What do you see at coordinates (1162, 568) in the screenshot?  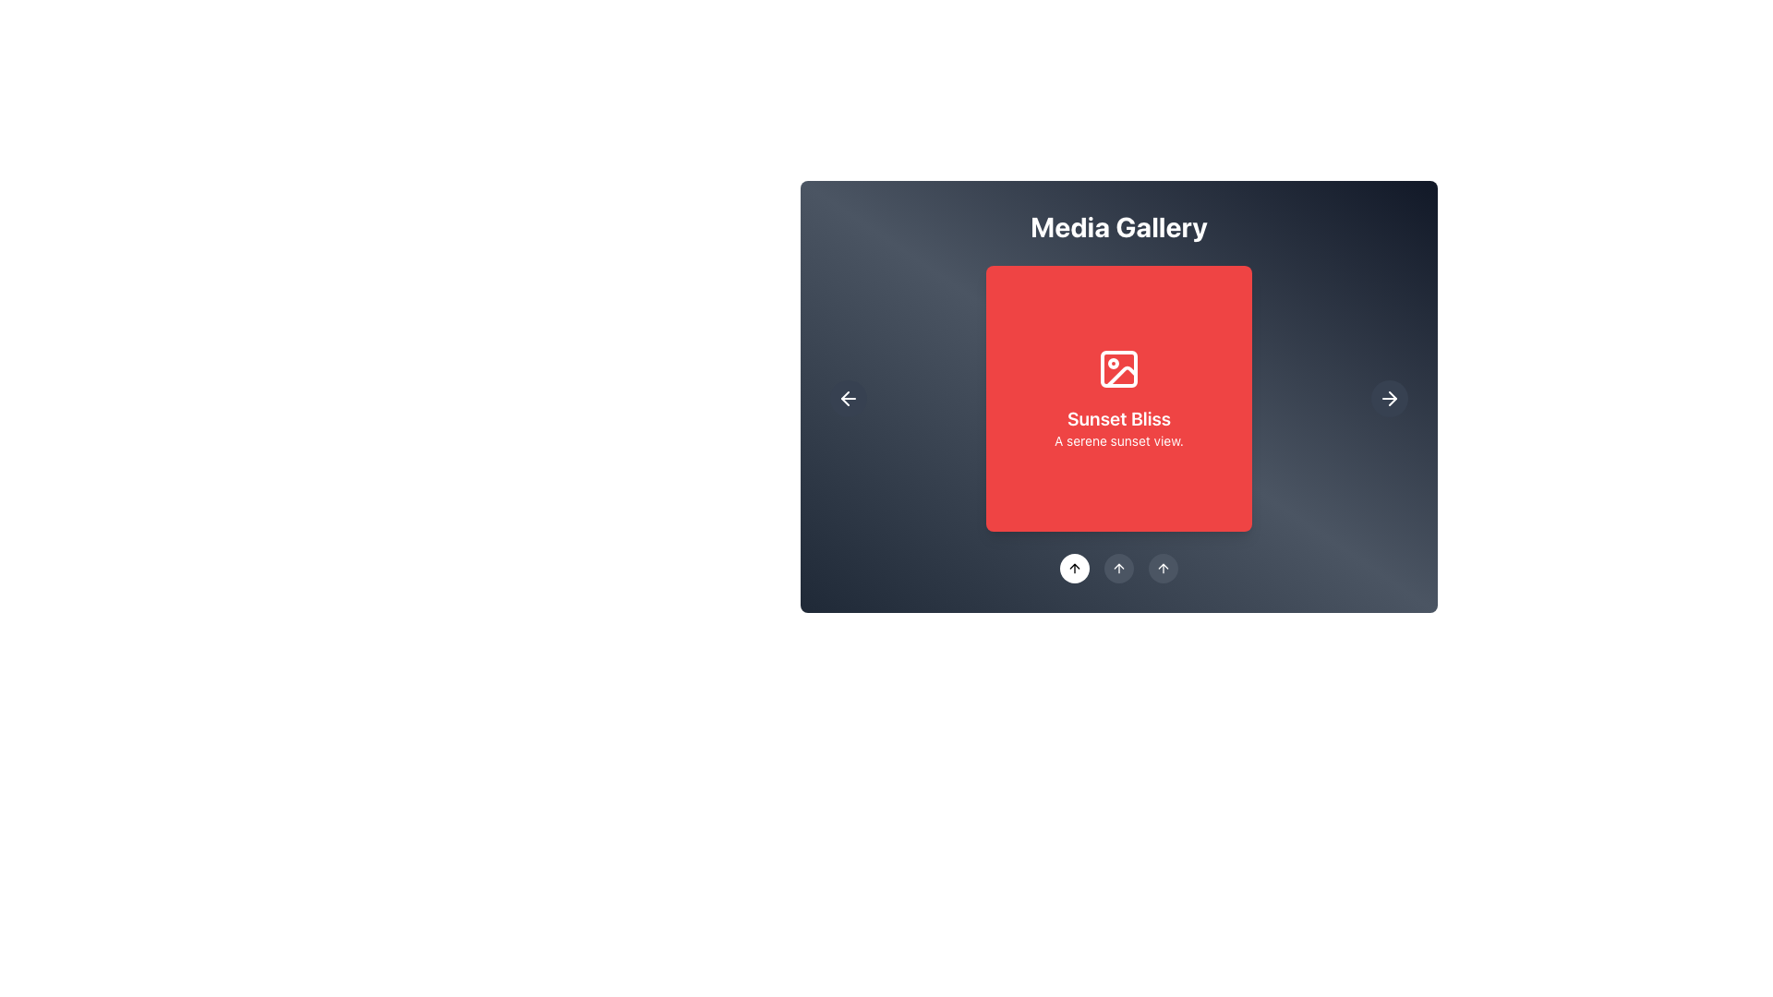 I see `the third circular button located centrally at the bottom of the red card` at bounding box center [1162, 568].